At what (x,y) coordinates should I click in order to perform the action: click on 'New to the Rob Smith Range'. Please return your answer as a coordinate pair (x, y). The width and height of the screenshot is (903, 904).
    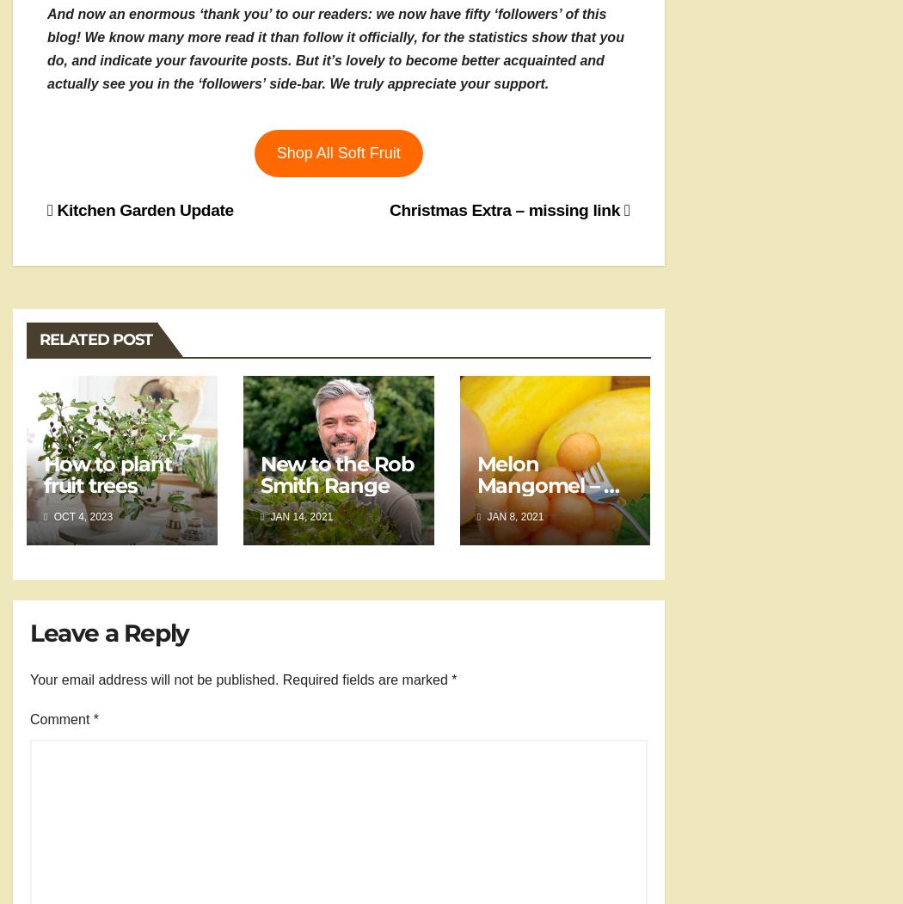
    Looking at the image, I should click on (259, 473).